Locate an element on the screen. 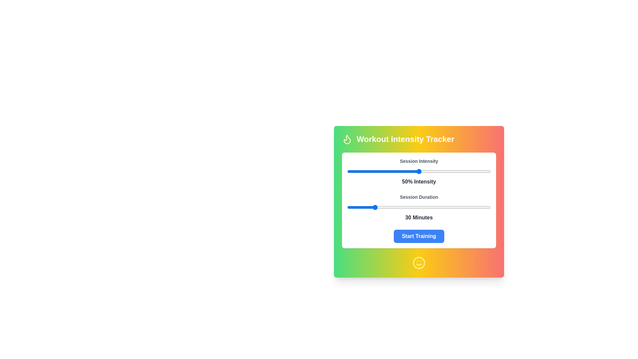  the session duration slider to set the duration to 70 minutes is located at coordinates (425, 207).